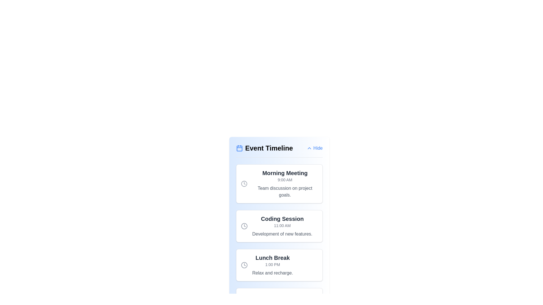 This screenshot has height=305, width=543. I want to click on the text label displaying '1:00 PM', which is a muted gray color and positioned below the 'Lunch Break' title in the event card, so click(273, 265).